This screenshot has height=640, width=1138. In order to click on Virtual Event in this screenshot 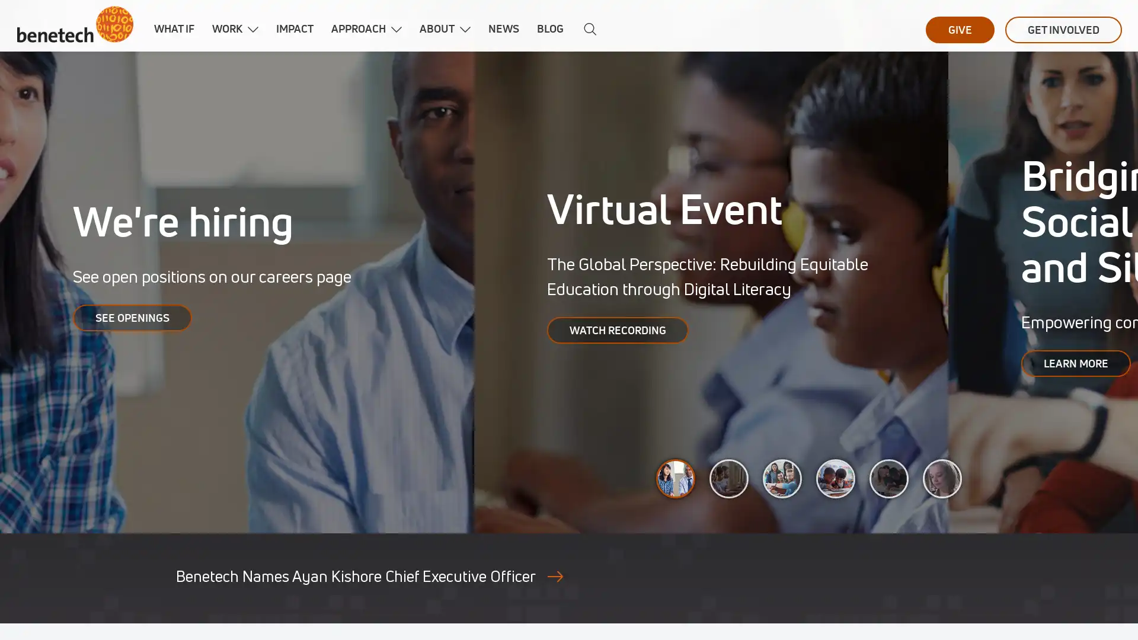, I will do `click(728, 478)`.